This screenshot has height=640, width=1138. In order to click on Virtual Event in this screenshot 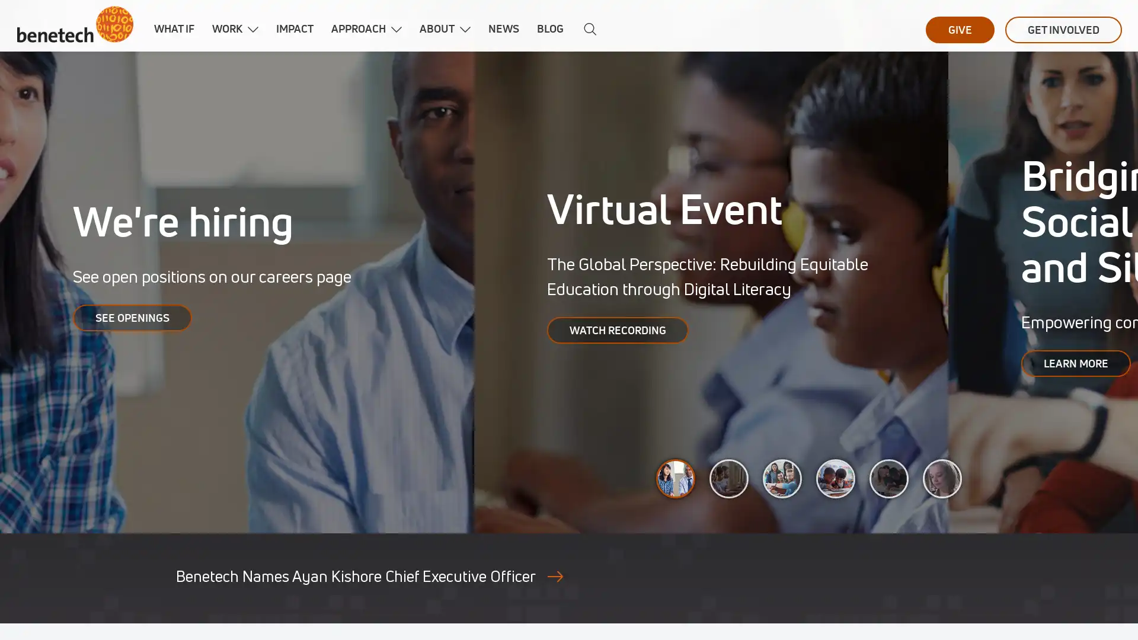, I will do `click(728, 478)`.